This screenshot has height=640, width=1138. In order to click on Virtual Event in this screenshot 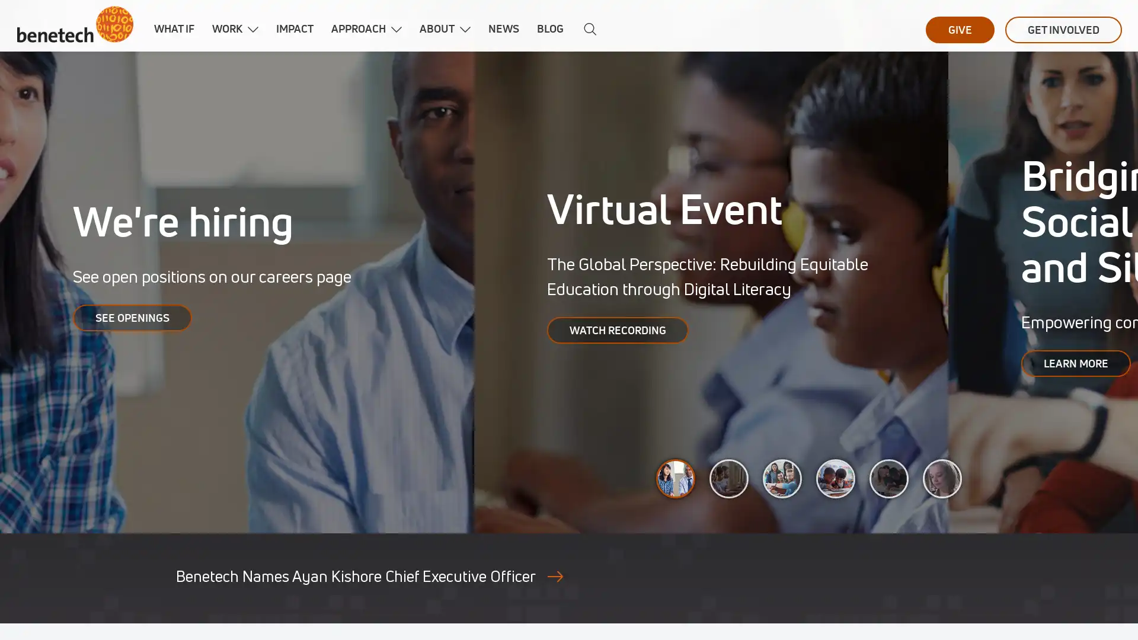, I will do `click(728, 478)`.